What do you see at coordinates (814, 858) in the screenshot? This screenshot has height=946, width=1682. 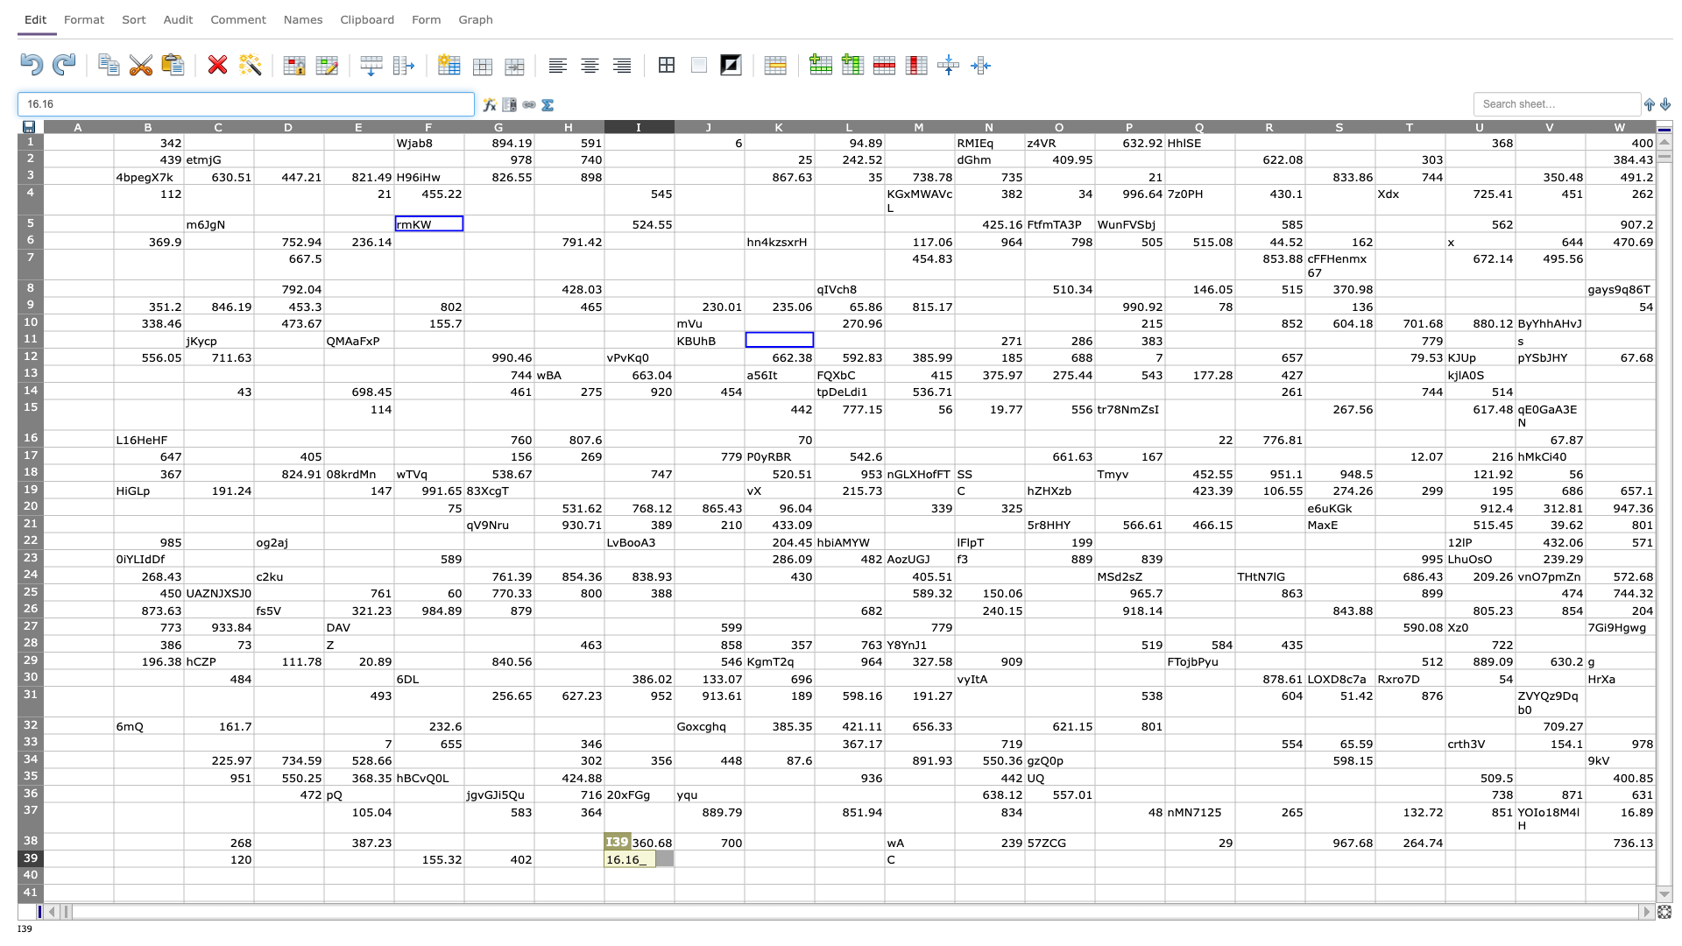 I see `Left side of cell L39` at bounding box center [814, 858].